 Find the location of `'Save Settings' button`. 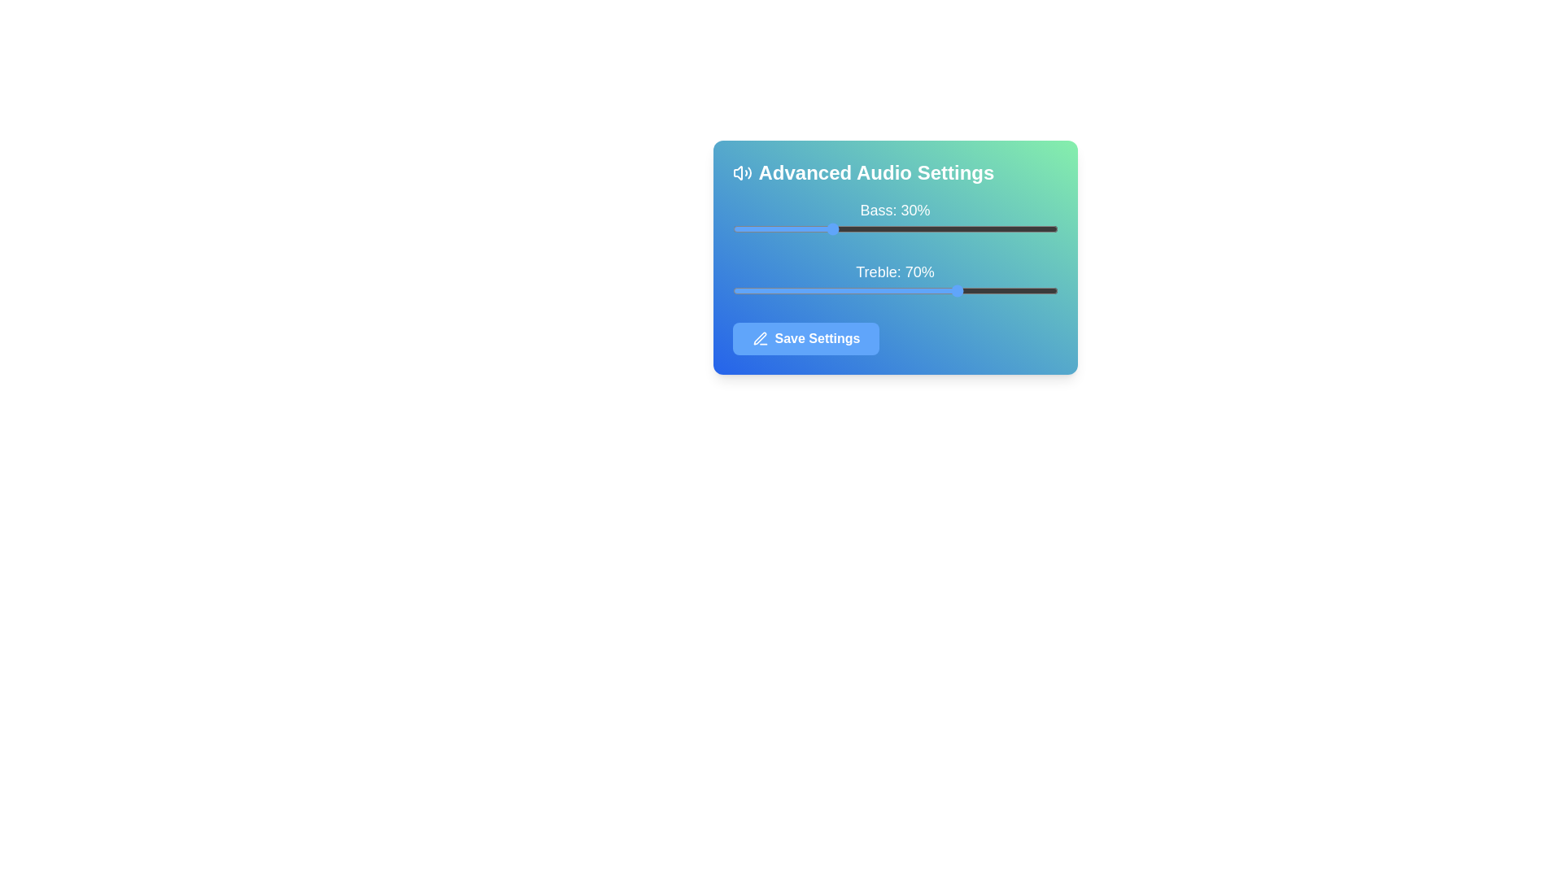

'Save Settings' button is located at coordinates (805, 337).